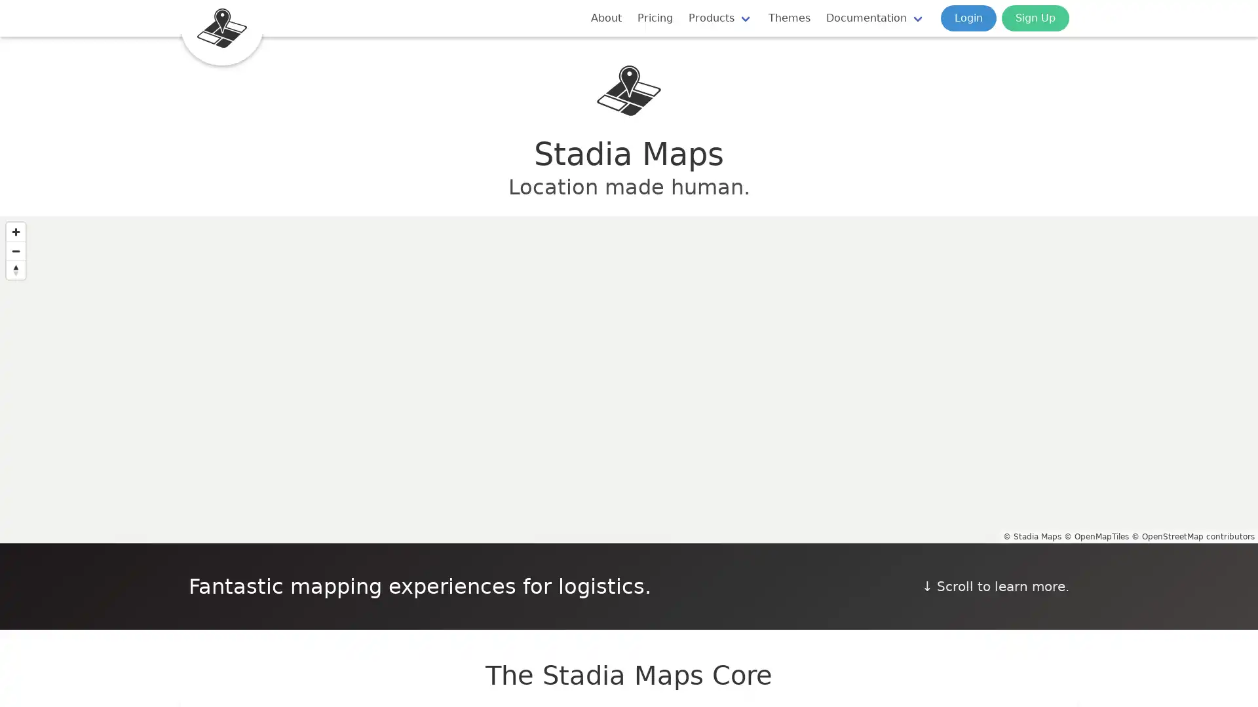  I want to click on Zoom in, so click(16, 231).